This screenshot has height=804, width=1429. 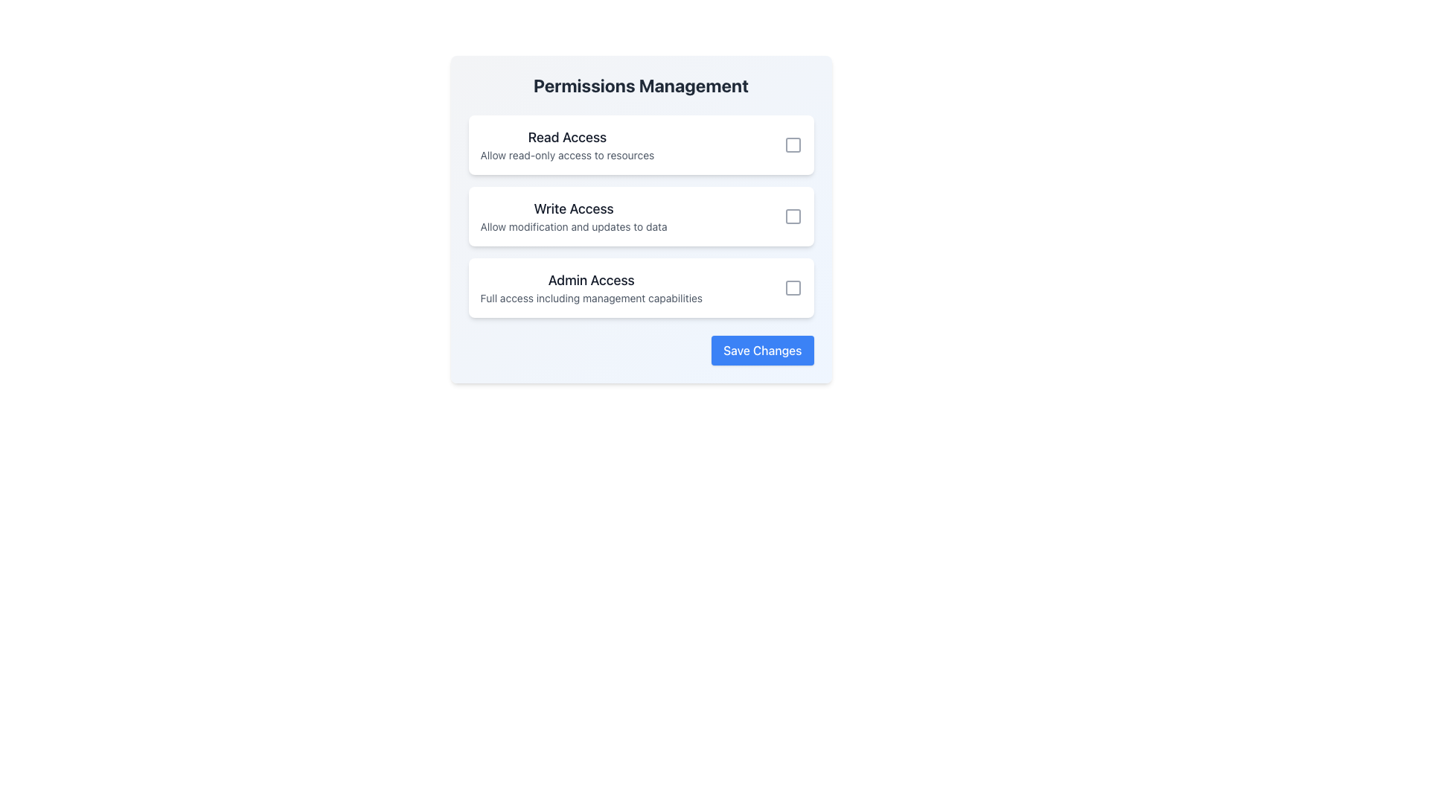 I want to click on the descriptive text element located below the 'Admin Access' header in the permissions management interface, so click(x=590, y=299).